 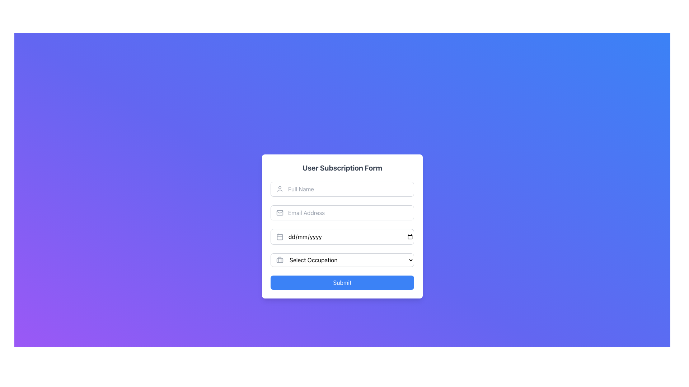 I want to click on the user profile icon located to the left of the 'Full Name' input field, so click(x=279, y=189).